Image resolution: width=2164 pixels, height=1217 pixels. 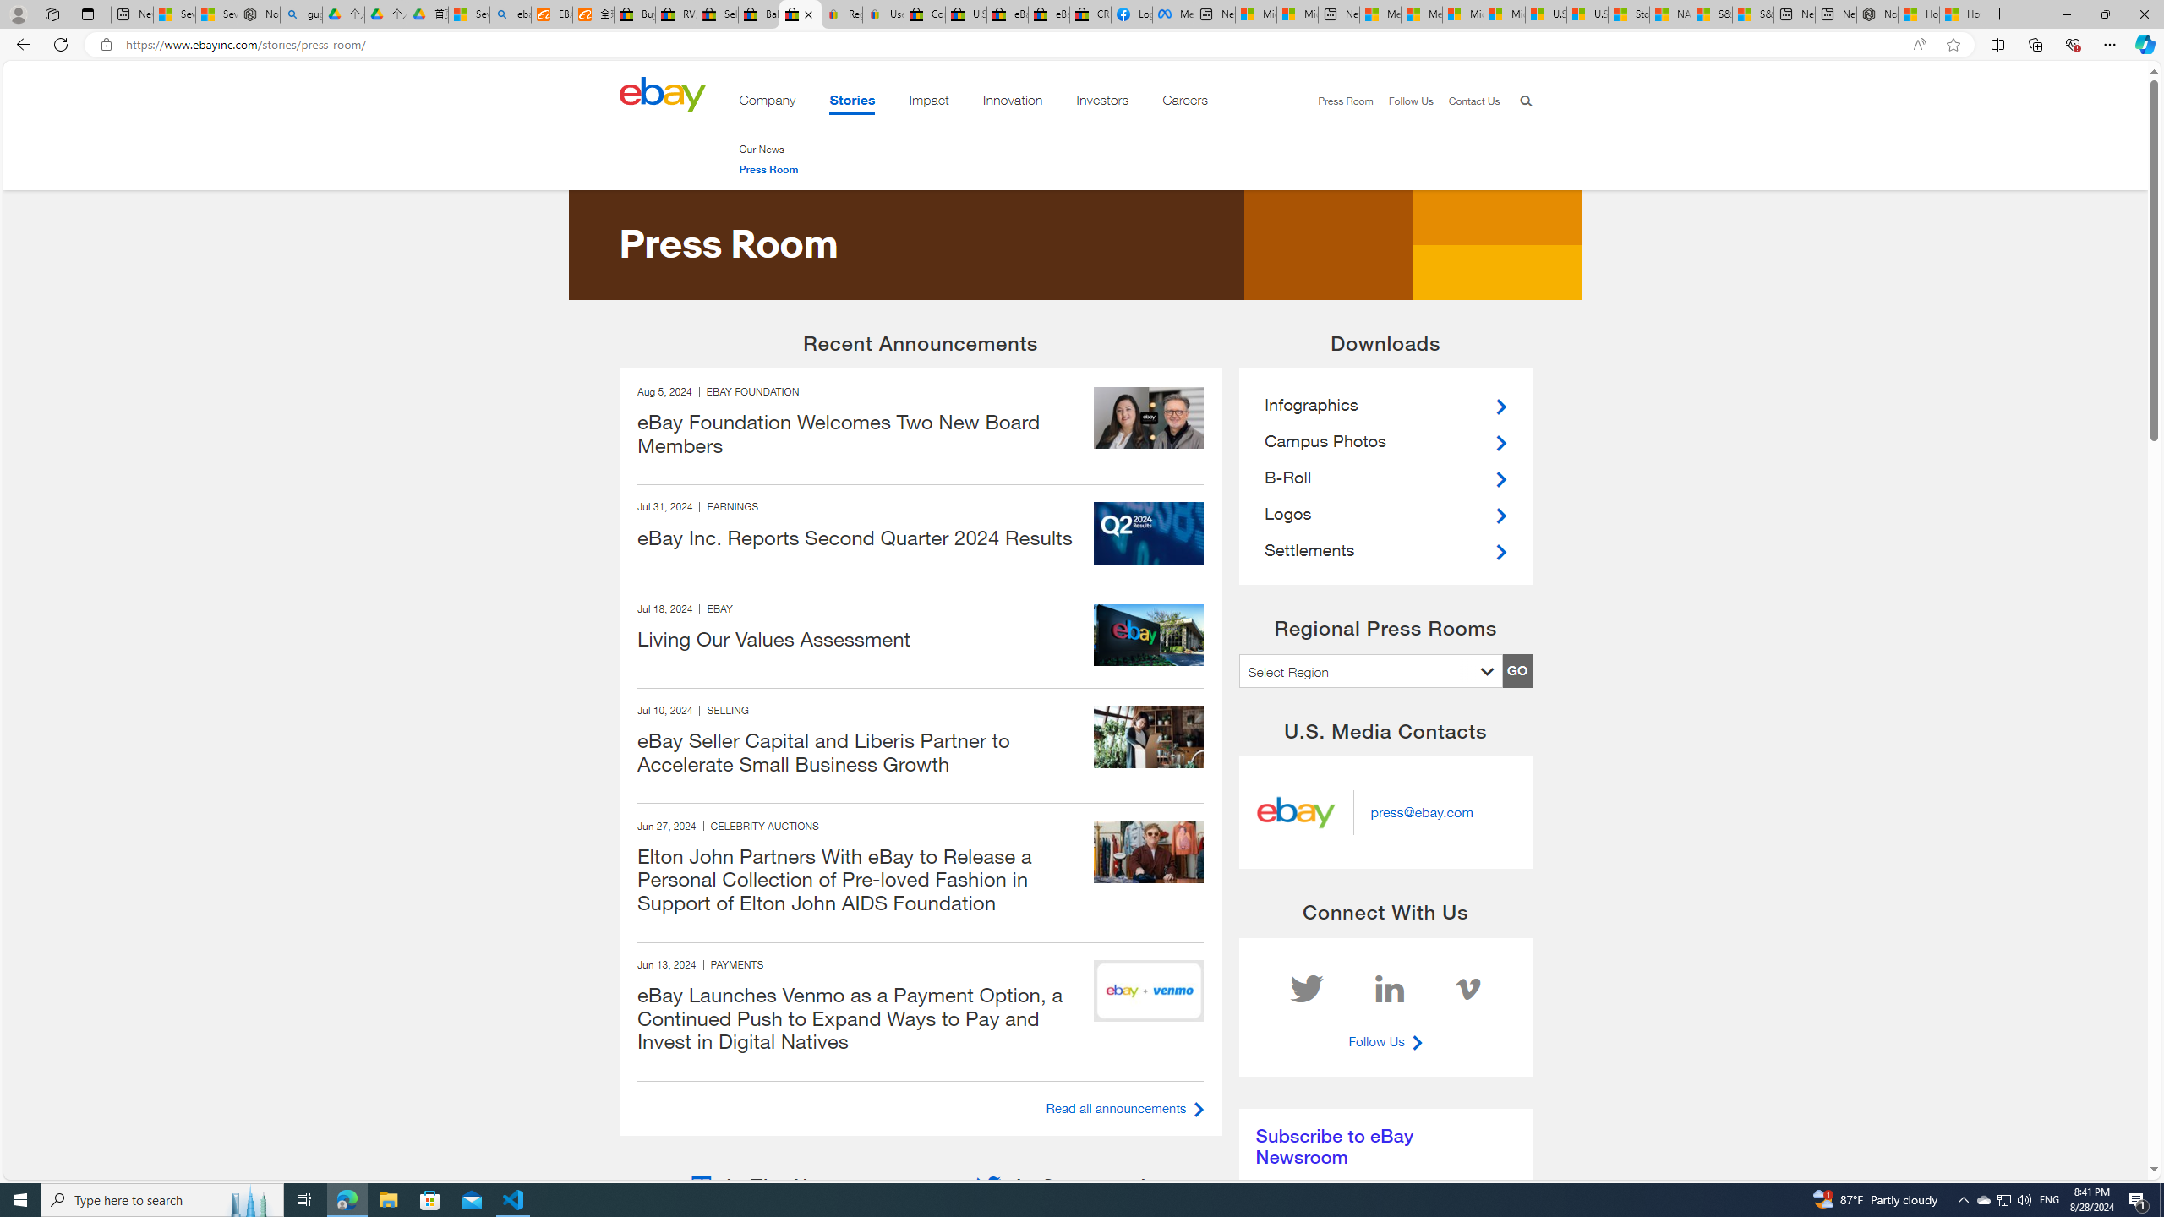 I want to click on 'ebay hq inc20', so click(x=1148, y=634).